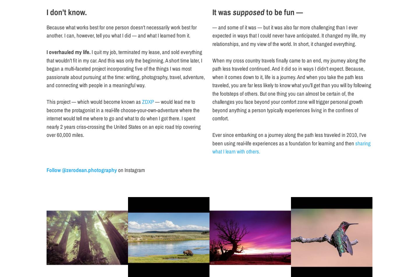 This screenshot has width=419, height=277. What do you see at coordinates (123, 118) in the screenshot?
I see `'— would lead me to become the protagonist in a real-life choose-your-own-adventure where the internet would tell me where to go and what to do when I got there. I spent nearly 2 years criss-crossing the United States on an epic road trip covering over 60,000 miles.'` at bounding box center [123, 118].